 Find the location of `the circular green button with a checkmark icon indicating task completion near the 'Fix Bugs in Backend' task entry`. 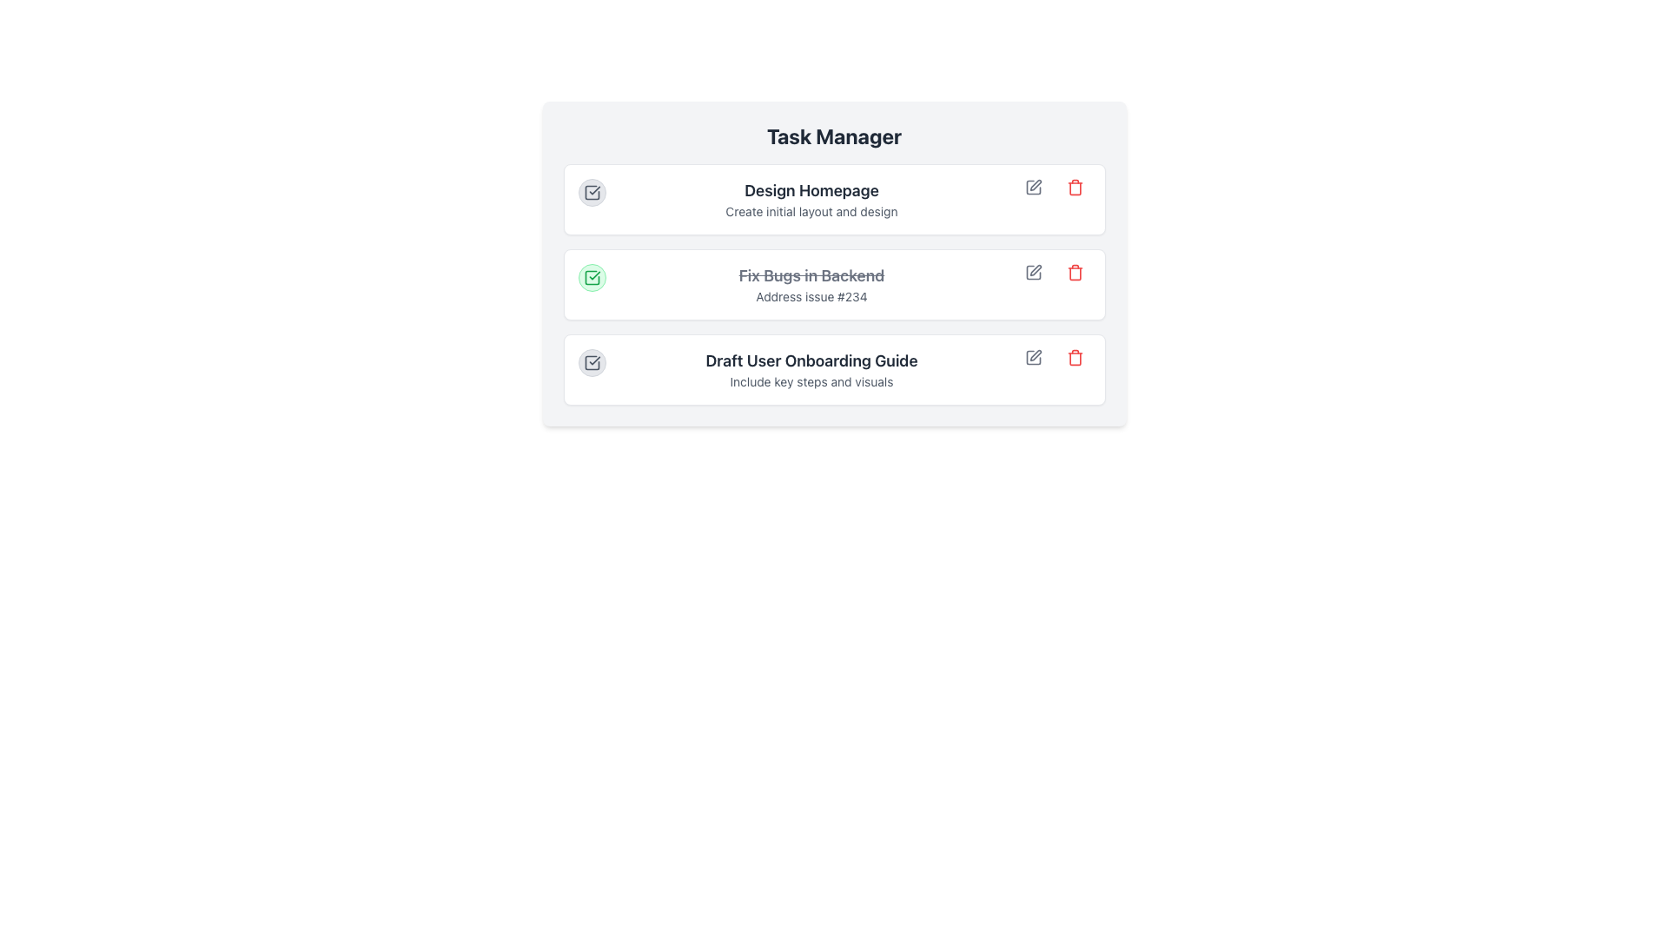

the circular green button with a checkmark icon indicating task completion near the 'Fix Bugs in Backend' task entry is located at coordinates (592, 277).